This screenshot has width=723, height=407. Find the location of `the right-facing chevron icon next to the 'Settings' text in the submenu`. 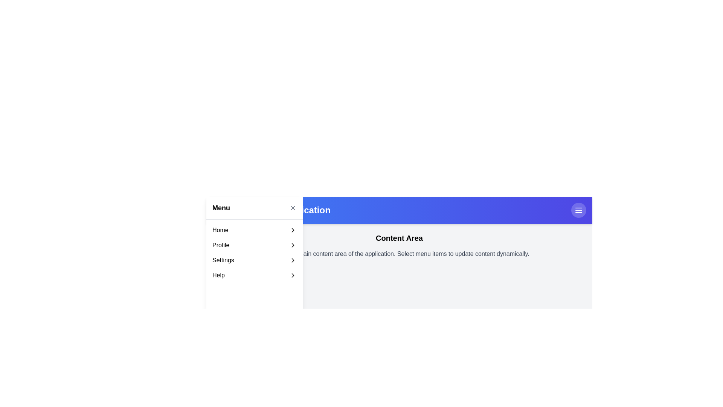

the right-facing chevron icon next to the 'Settings' text in the submenu is located at coordinates (292, 260).